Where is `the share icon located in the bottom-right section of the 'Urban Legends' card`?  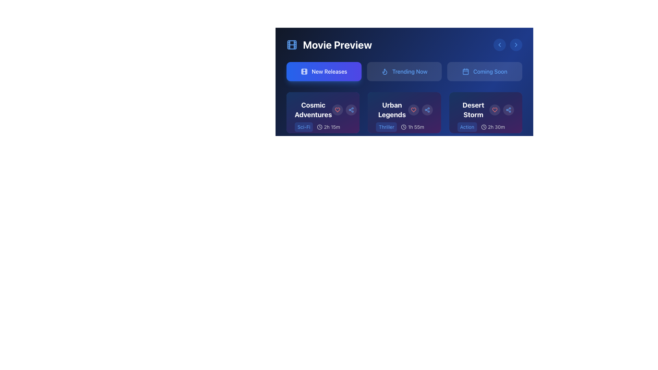 the share icon located in the bottom-right section of the 'Urban Legends' card is located at coordinates (427, 109).